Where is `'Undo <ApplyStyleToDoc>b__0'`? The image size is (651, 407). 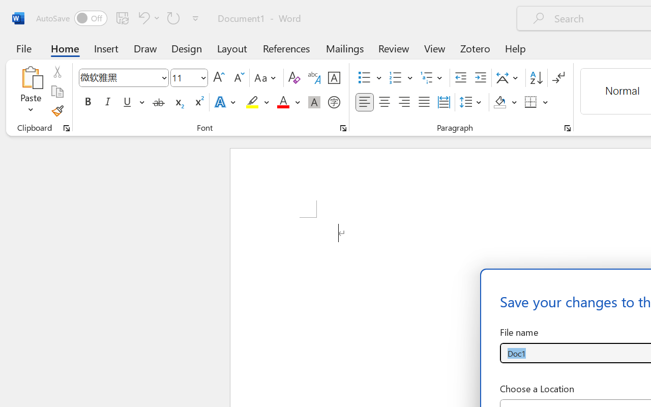
'Undo <ApplyStyleToDoc>b__0' is located at coordinates (147, 17).